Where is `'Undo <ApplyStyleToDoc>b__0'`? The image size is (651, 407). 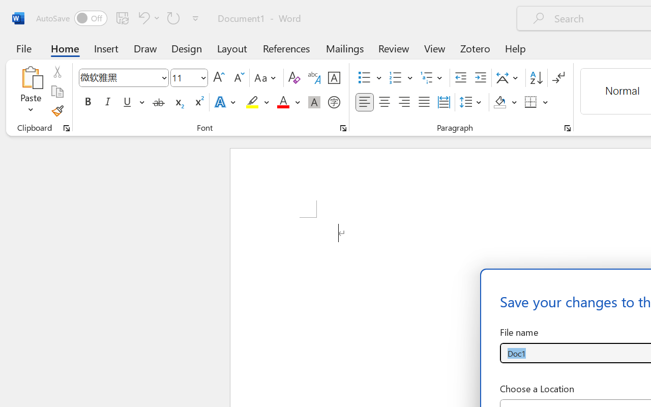
'Undo <ApplyStyleToDoc>b__0' is located at coordinates (147, 17).